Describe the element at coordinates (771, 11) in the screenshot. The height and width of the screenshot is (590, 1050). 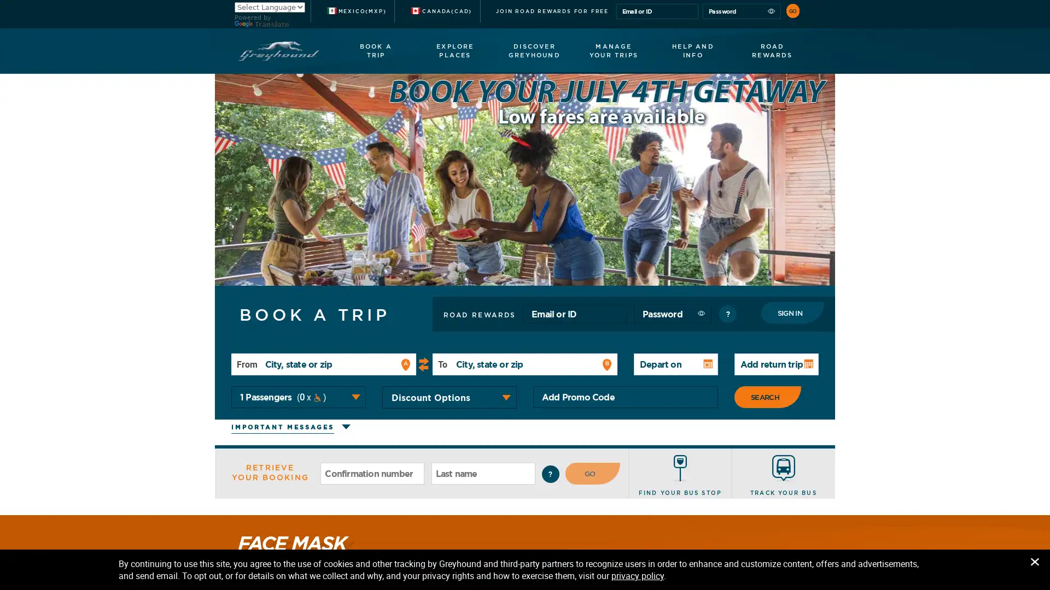
I see `Show password as plain text. Warning: this will display your password on the screen.` at that location.